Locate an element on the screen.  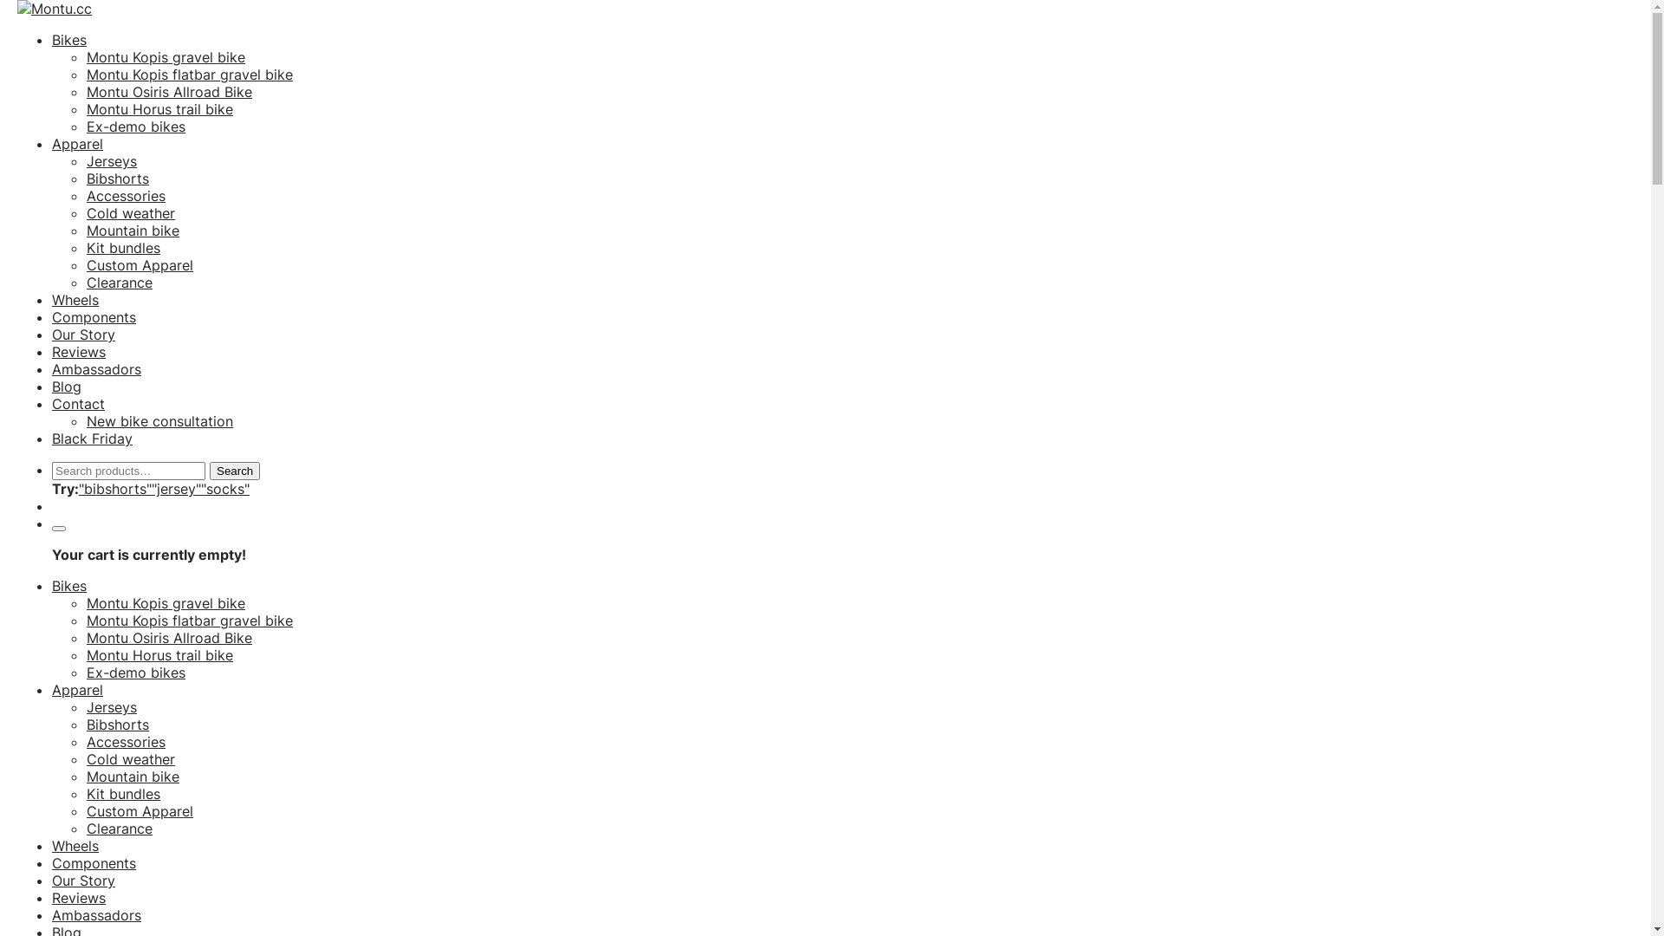
'Mountain bike' is located at coordinates (132, 775).